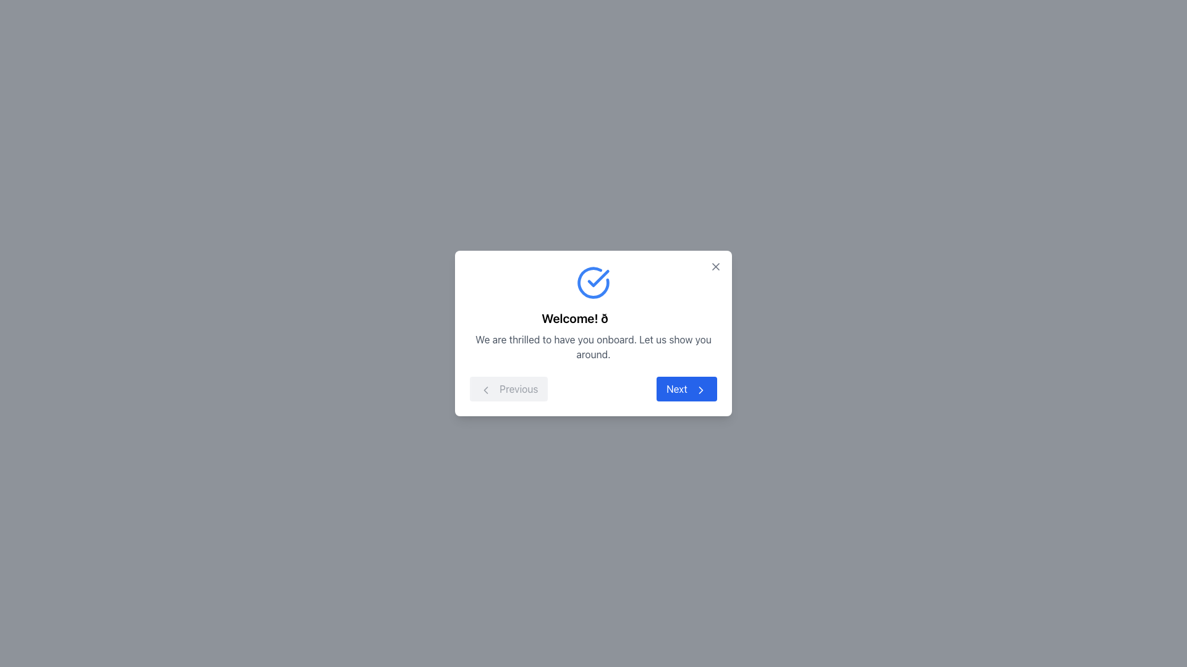  What do you see at coordinates (715, 266) in the screenshot?
I see `the 'X' icon located at the top-right corner of the modal window` at bounding box center [715, 266].